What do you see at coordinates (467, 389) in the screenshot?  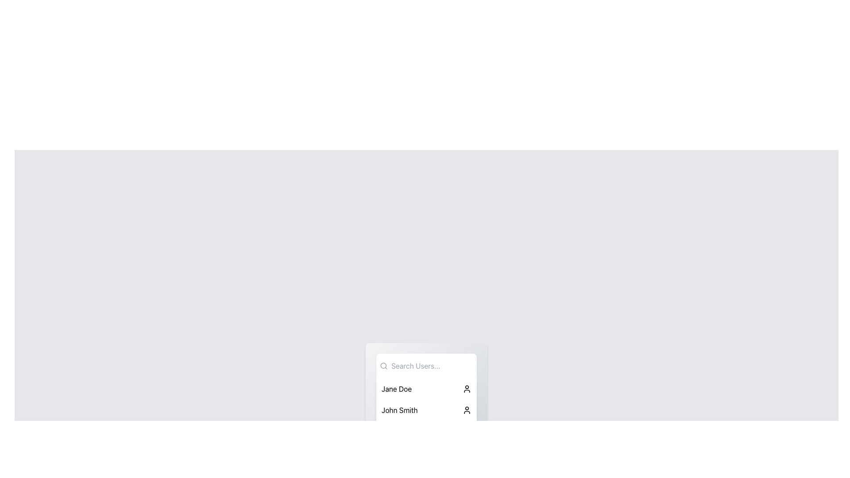 I see `the user icon representing 'Jane Doe' to interact with it` at bounding box center [467, 389].